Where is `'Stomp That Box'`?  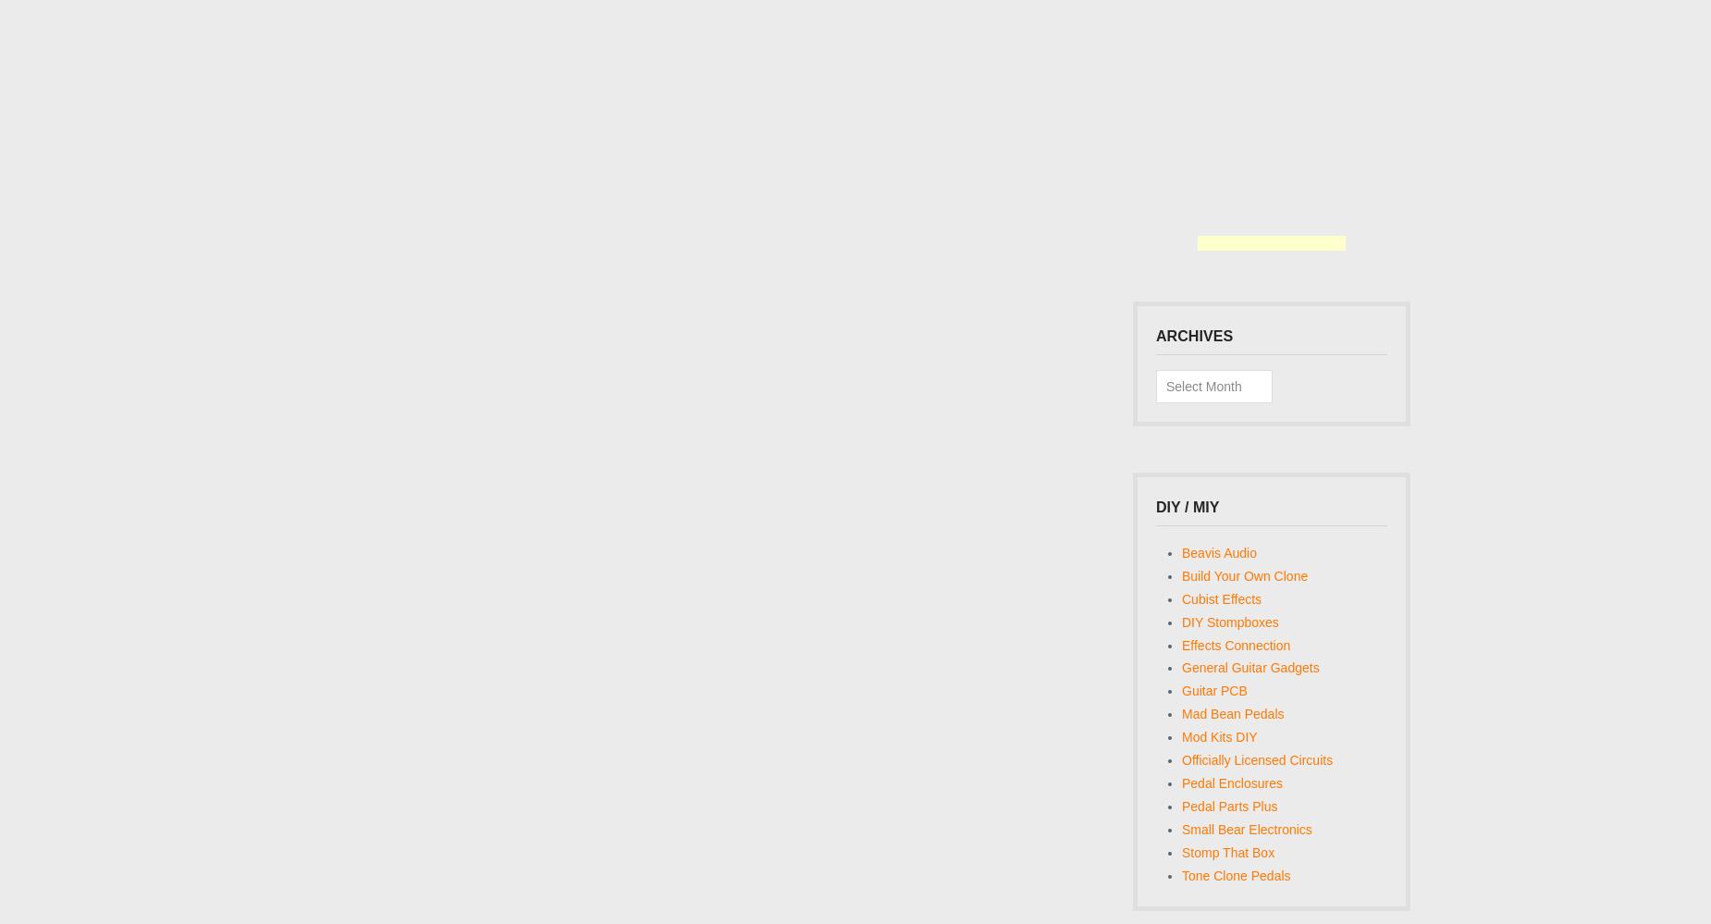
'Stomp That Box' is located at coordinates (1226, 852).